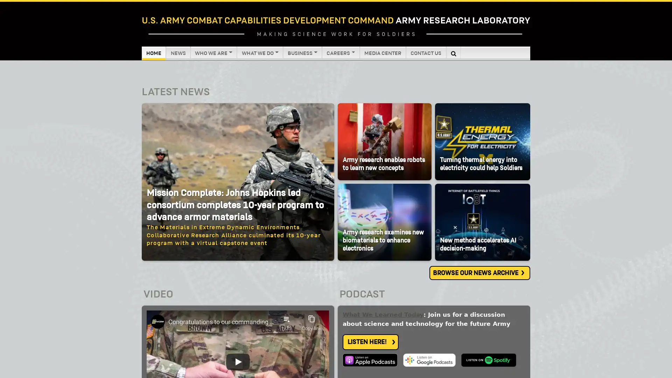  What do you see at coordinates (479, 272) in the screenshot?
I see `BROWSE OUR NEWS ARCHIVE` at bounding box center [479, 272].